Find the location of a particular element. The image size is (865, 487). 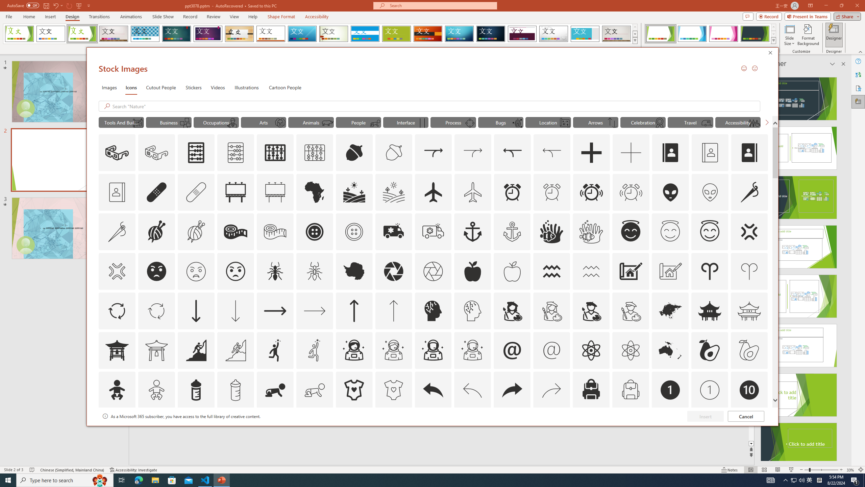

'AutomationID: Icons_ArtistFemale_M' is located at coordinates (551, 310).